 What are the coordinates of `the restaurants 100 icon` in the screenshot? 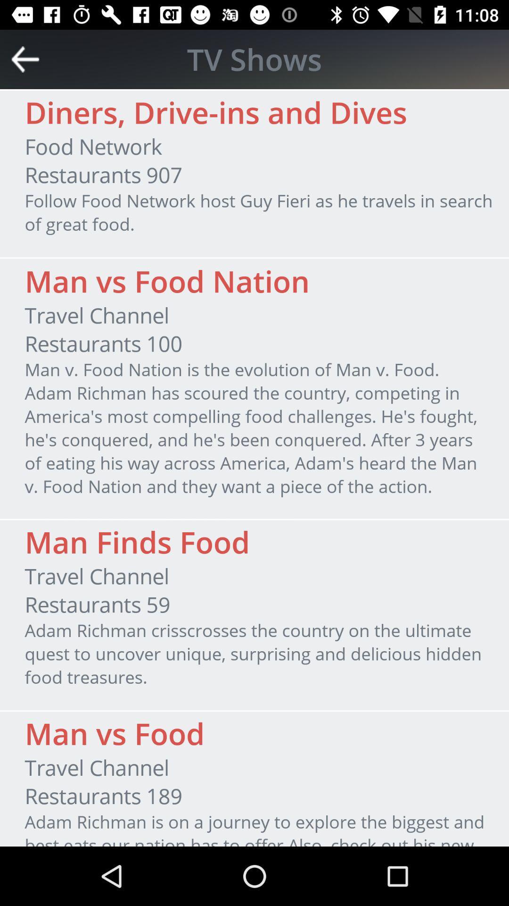 It's located at (103, 343).